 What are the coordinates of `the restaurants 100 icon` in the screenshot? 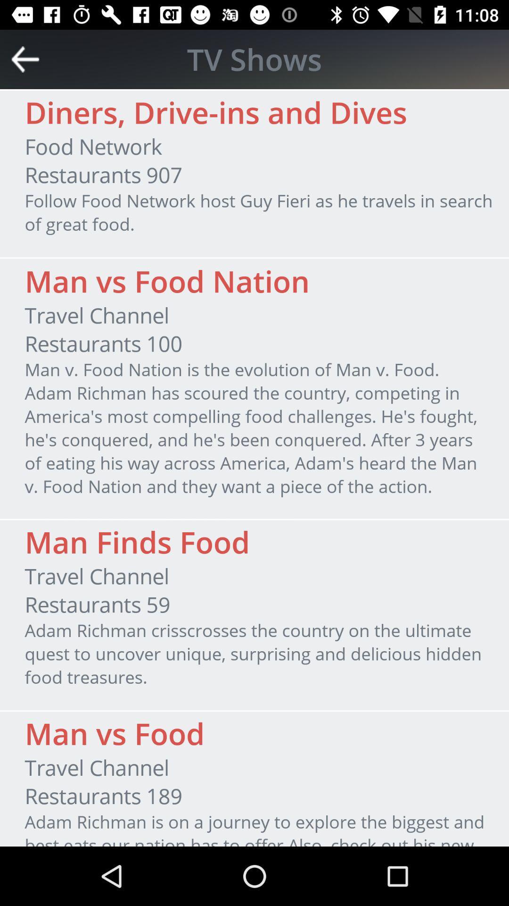 It's located at (103, 343).